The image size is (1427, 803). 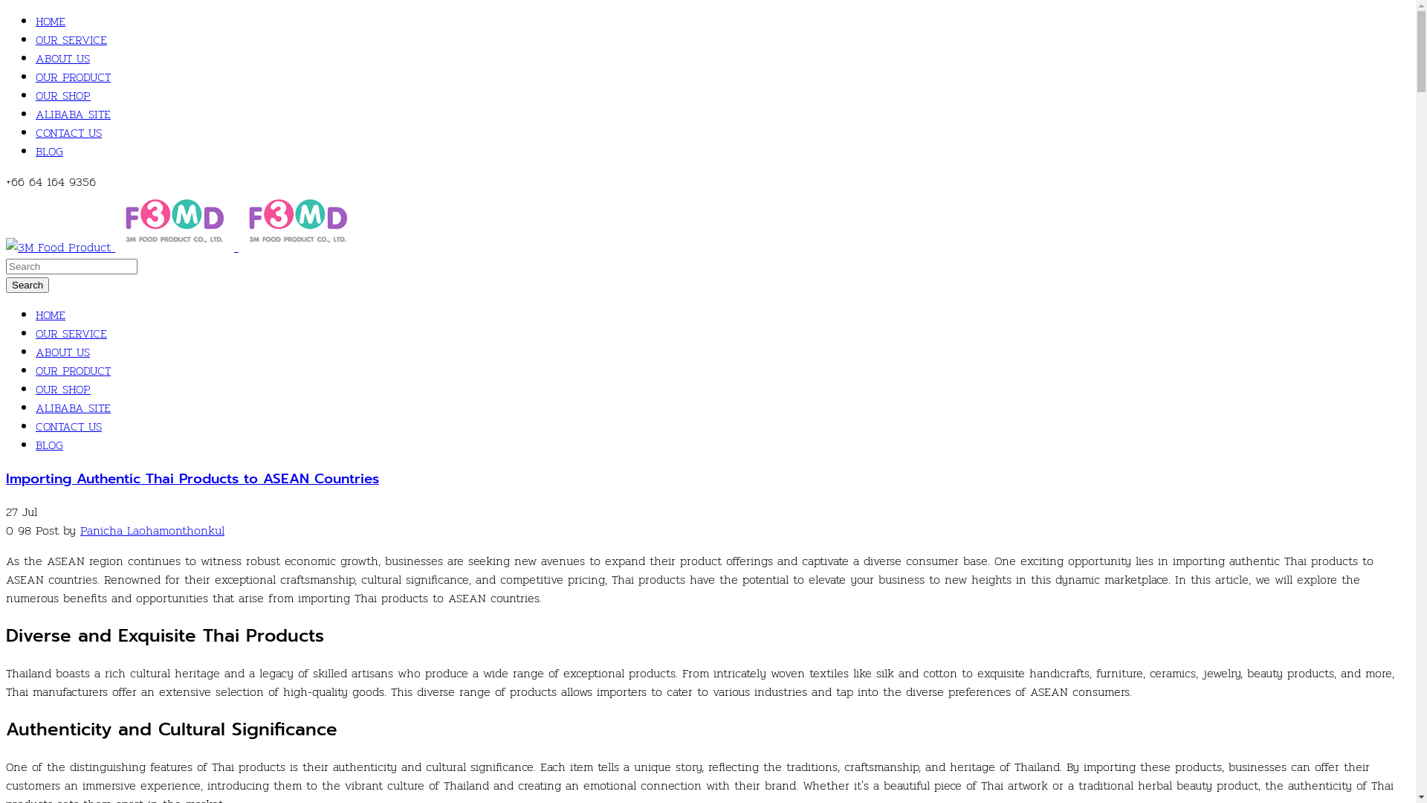 What do you see at coordinates (6, 285) in the screenshot?
I see `'Search'` at bounding box center [6, 285].